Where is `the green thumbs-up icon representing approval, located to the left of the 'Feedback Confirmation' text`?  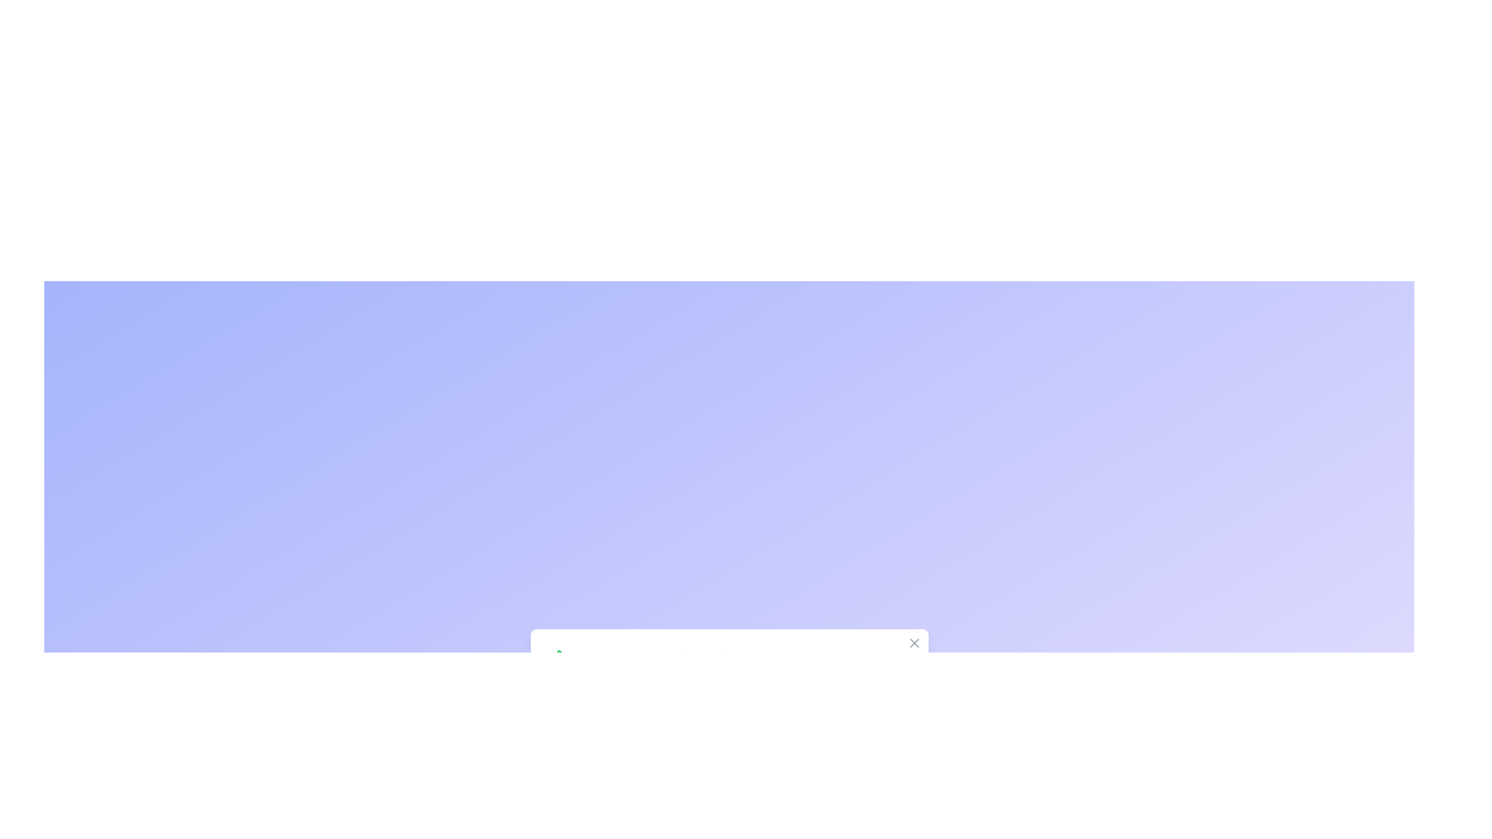 the green thumbs-up icon representing approval, located to the left of the 'Feedback Confirmation' text is located at coordinates (558, 659).